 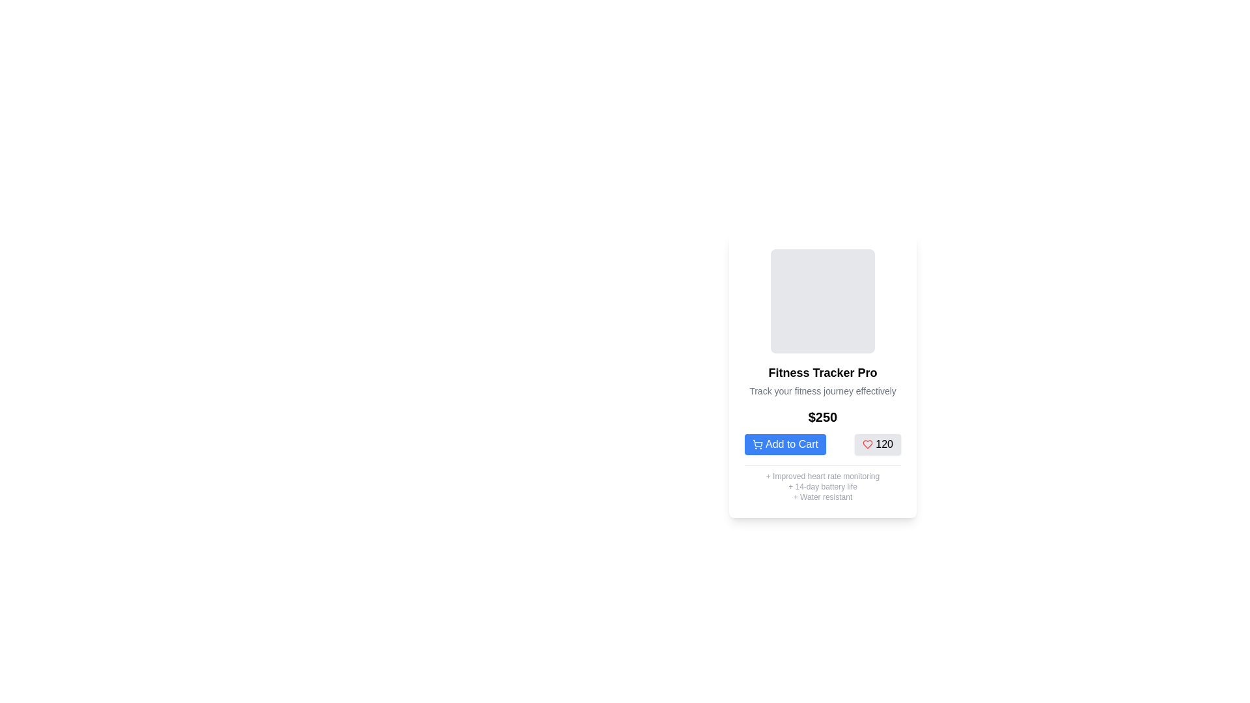 What do you see at coordinates (822, 476) in the screenshot?
I see `text '+ Improved heart rate monitoring' which is displayed in light-gray color as the first item in a vertical list of features` at bounding box center [822, 476].